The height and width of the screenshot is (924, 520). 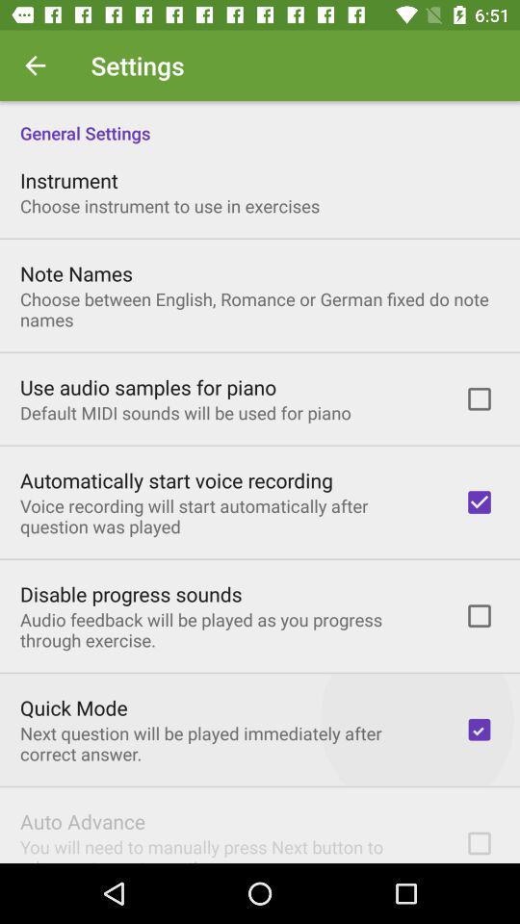 I want to click on the icon above the automatically start voice item, so click(x=185, y=413).